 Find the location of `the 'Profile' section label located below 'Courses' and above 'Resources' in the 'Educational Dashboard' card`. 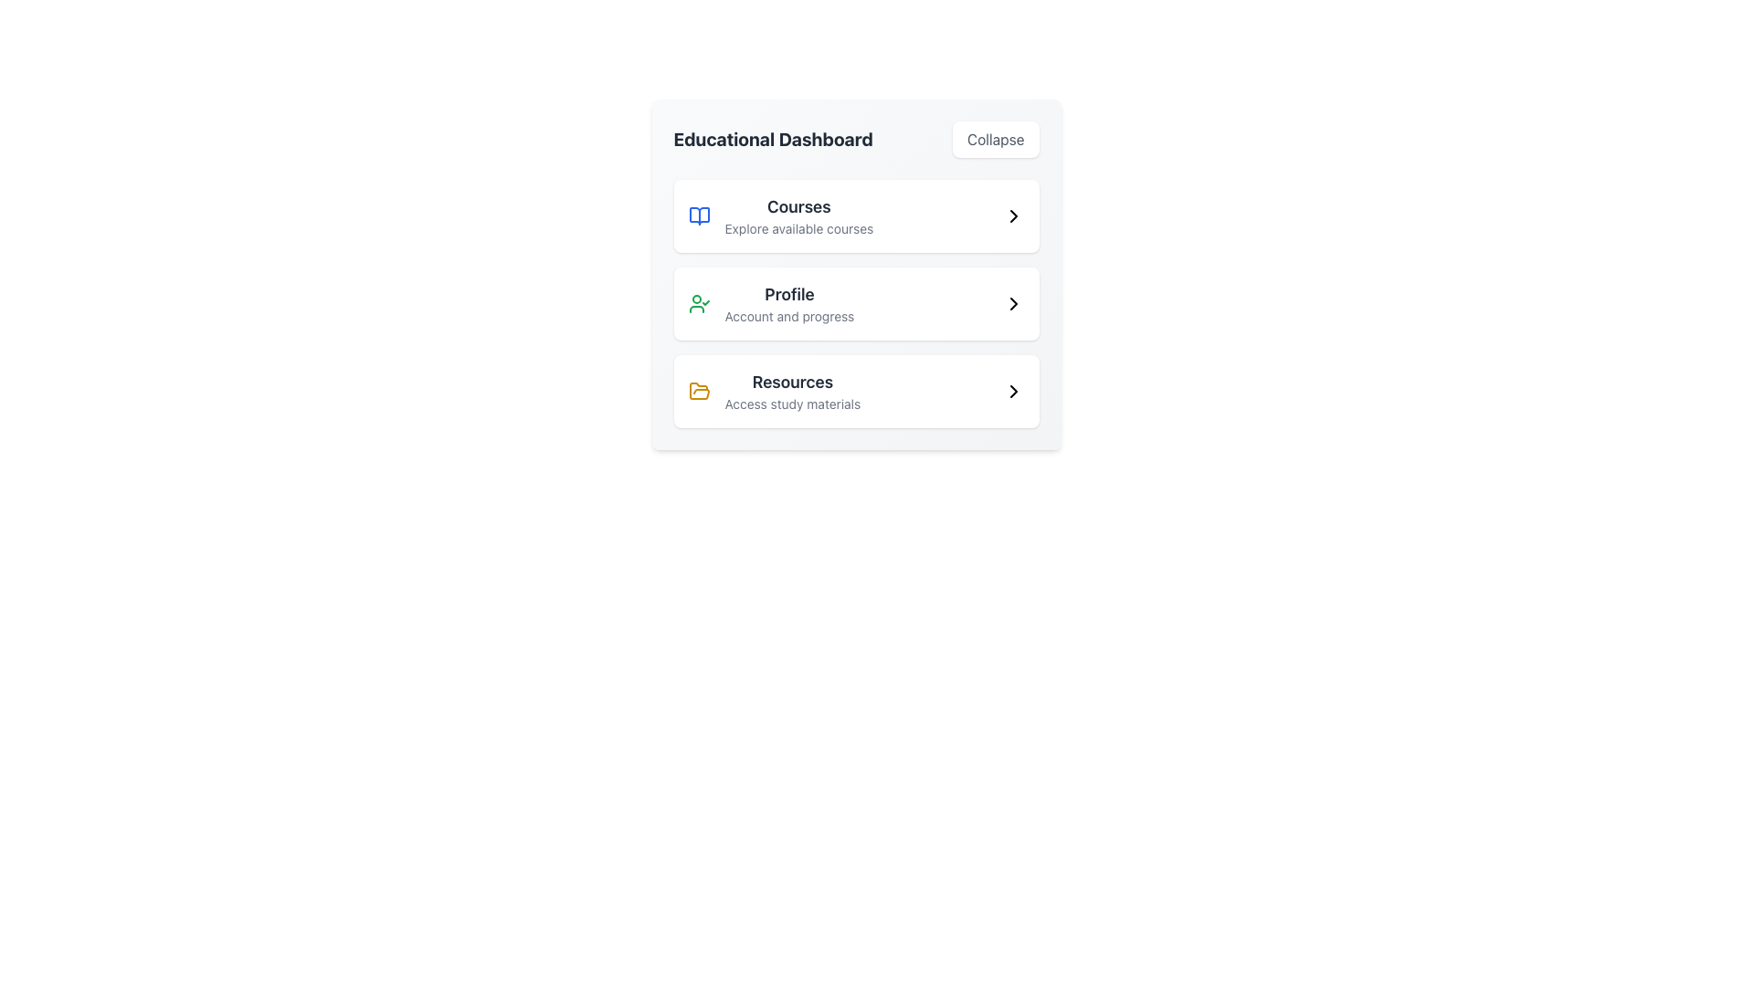

the 'Profile' section label located below 'Courses' and above 'Resources' in the 'Educational Dashboard' card is located at coordinates (789, 302).